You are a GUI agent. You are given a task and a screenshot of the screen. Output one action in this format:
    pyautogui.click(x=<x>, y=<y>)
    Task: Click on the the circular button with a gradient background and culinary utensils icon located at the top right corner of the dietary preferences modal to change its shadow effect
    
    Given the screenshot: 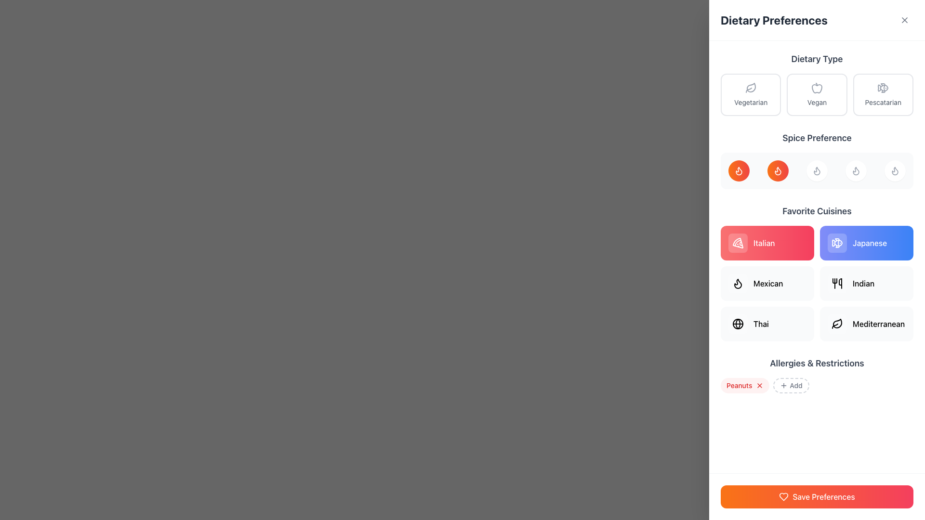 What is the action you would take?
    pyautogui.click(x=905, y=19)
    